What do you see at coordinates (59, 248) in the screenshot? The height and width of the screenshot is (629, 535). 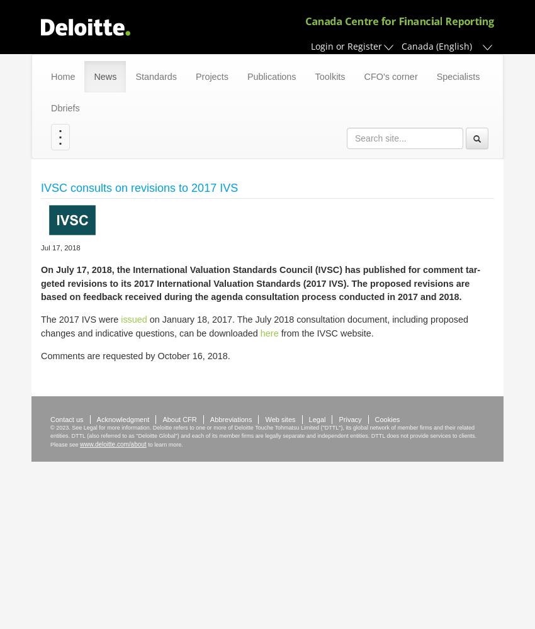 I see `'Jul 17, 2018'` at bounding box center [59, 248].